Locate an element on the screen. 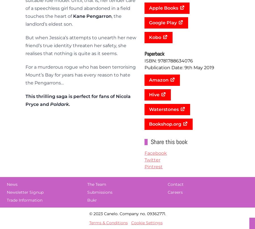 Image resolution: width=255 pixels, height=229 pixels. 'Amazon' is located at coordinates (158, 80).